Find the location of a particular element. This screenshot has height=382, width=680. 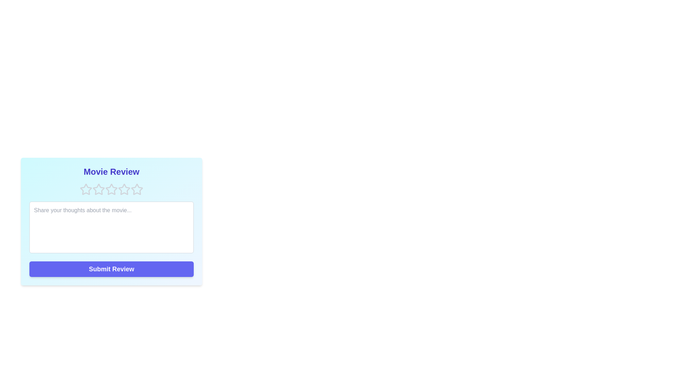

the star corresponding to 1 rating is located at coordinates (86, 189).